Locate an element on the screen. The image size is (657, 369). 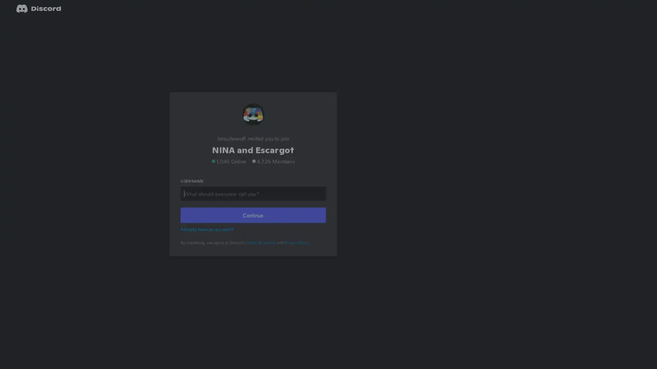
Already have an account? is located at coordinates (208, 238).